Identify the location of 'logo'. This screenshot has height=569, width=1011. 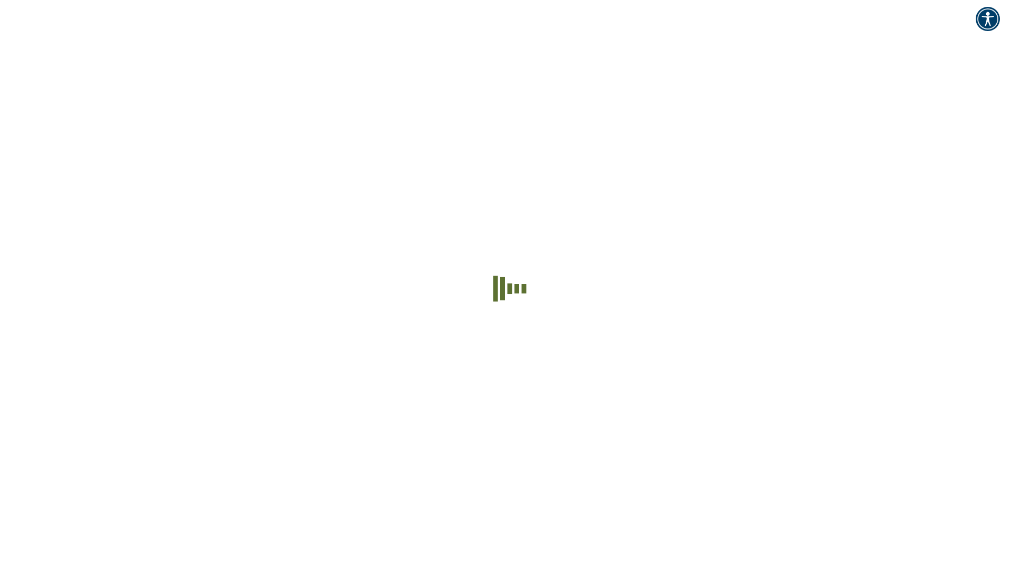
(57, 99).